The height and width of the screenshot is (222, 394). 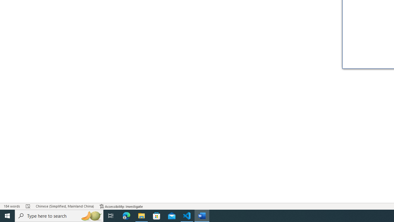 What do you see at coordinates (157, 215) in the screenshot?
I see `'Microsoft Store'` at bounding box center [157, 215].